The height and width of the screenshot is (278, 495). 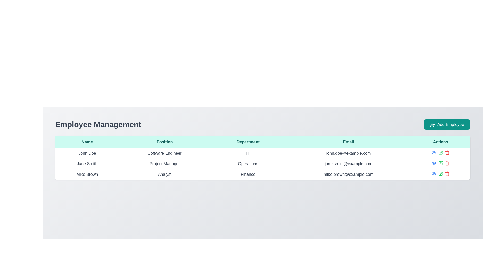 I want to click on the eye icon button in the Actions column of the second row, so click(x=434, y=163).